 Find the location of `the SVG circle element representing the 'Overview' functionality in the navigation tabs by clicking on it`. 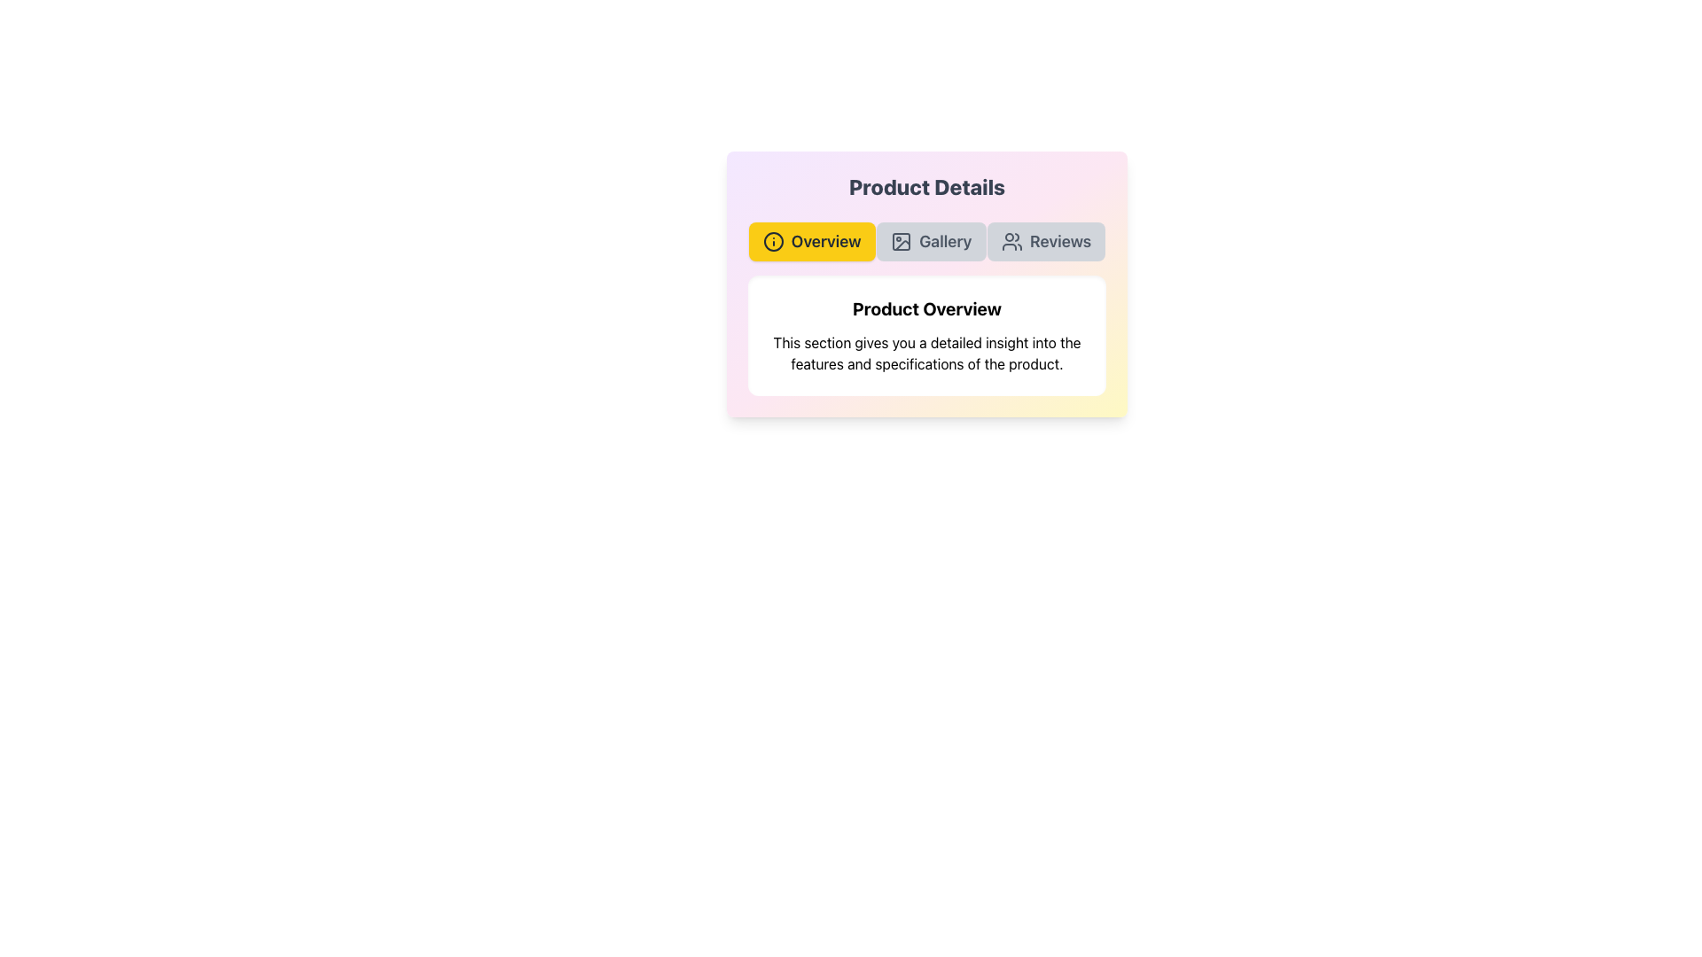

the SVG circle element representing the 'Overview' functionality in the navigation tabs by clicking on it is located at coordinates (773, 242).